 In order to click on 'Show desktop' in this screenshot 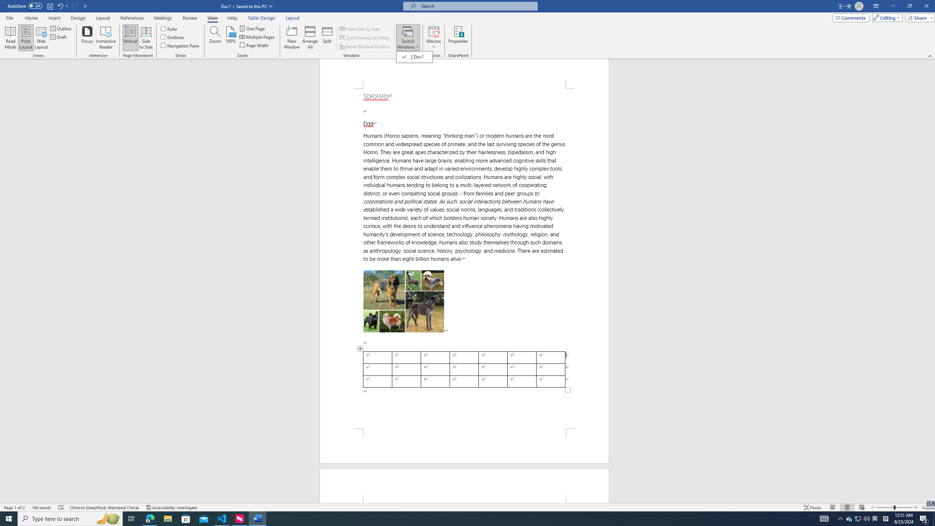, I will do `click(934, 518)`.